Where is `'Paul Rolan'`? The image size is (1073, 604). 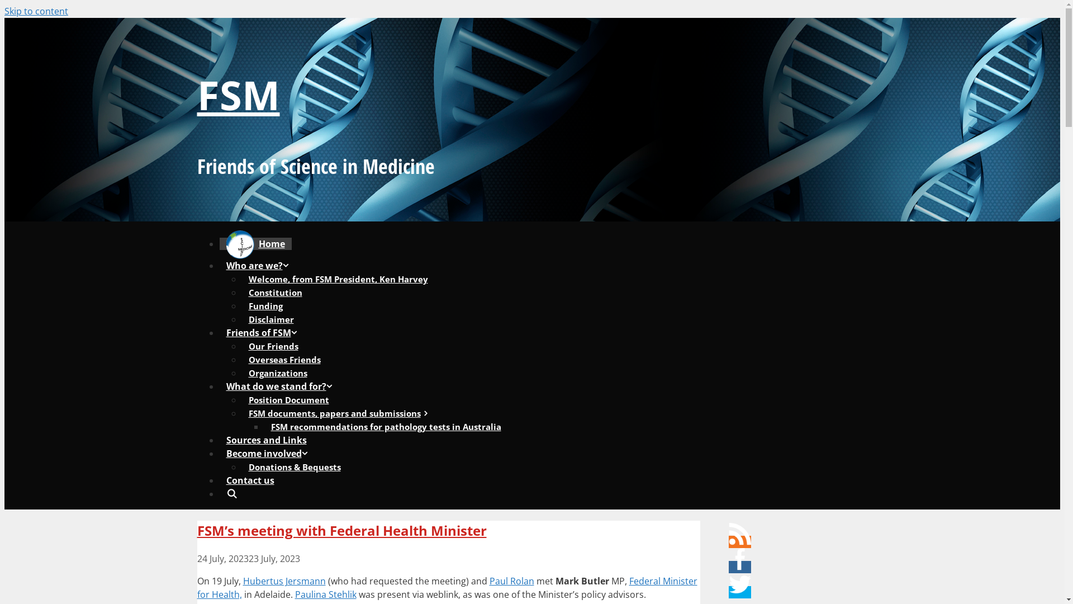
'Paul Rolan' is located at coordinates (511, 580).